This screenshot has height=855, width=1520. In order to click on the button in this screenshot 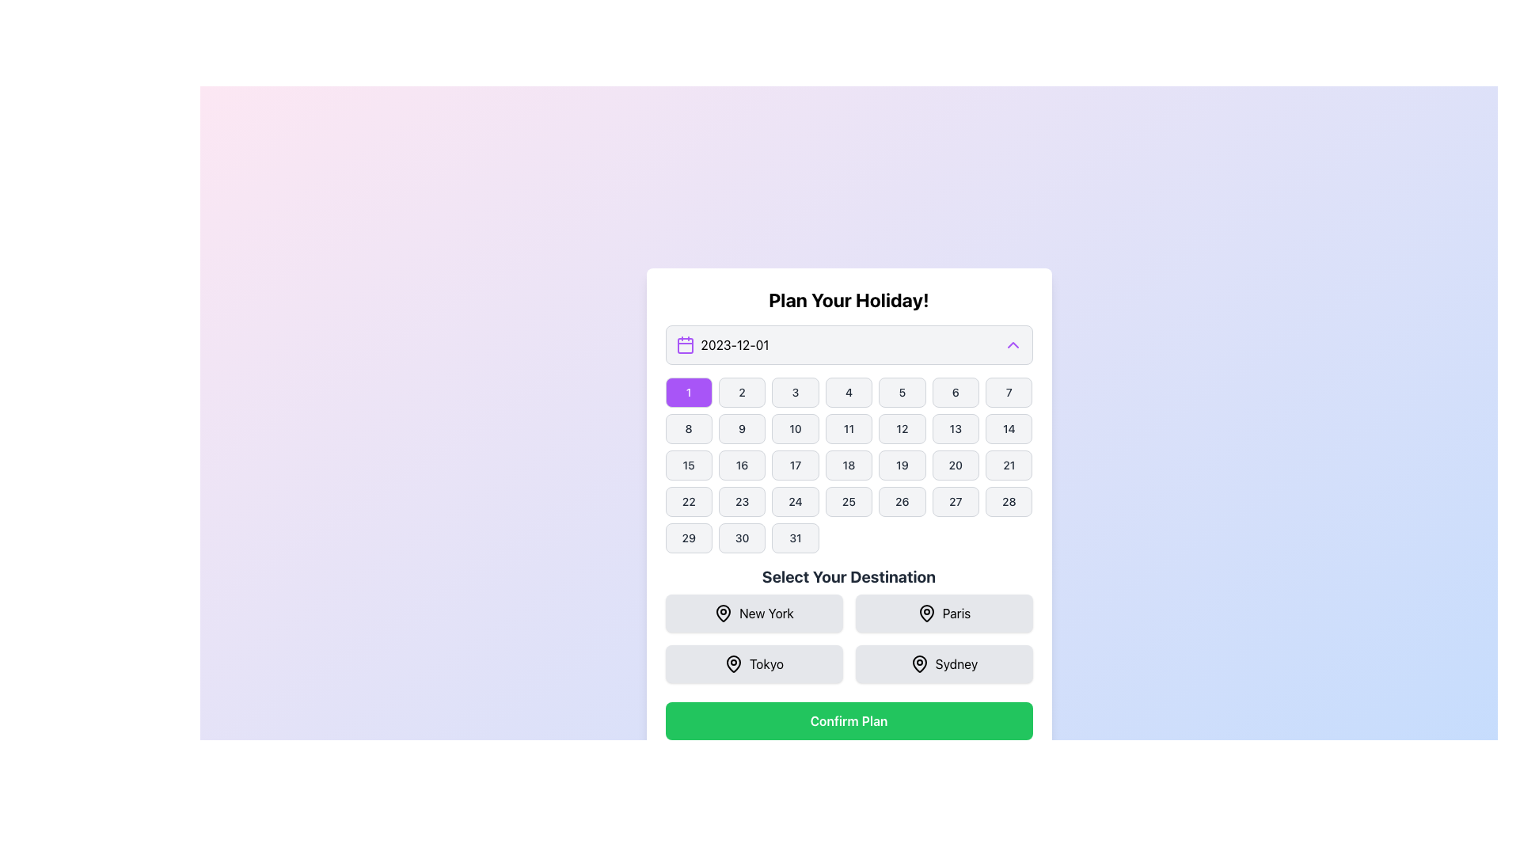, I will do `click(1008, 464)`.